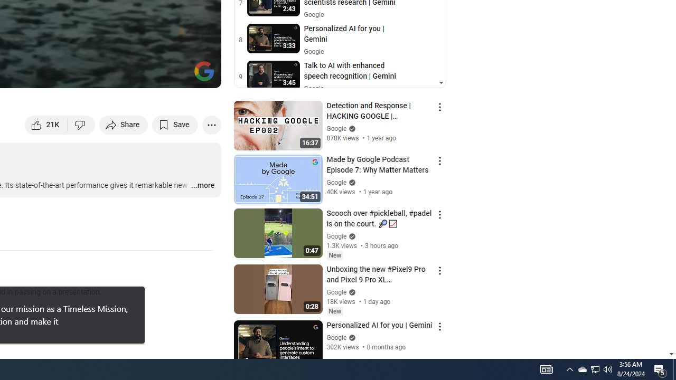 This screenshot has width=676, height=380. I want to click on 'More actions', so click(211, 124).